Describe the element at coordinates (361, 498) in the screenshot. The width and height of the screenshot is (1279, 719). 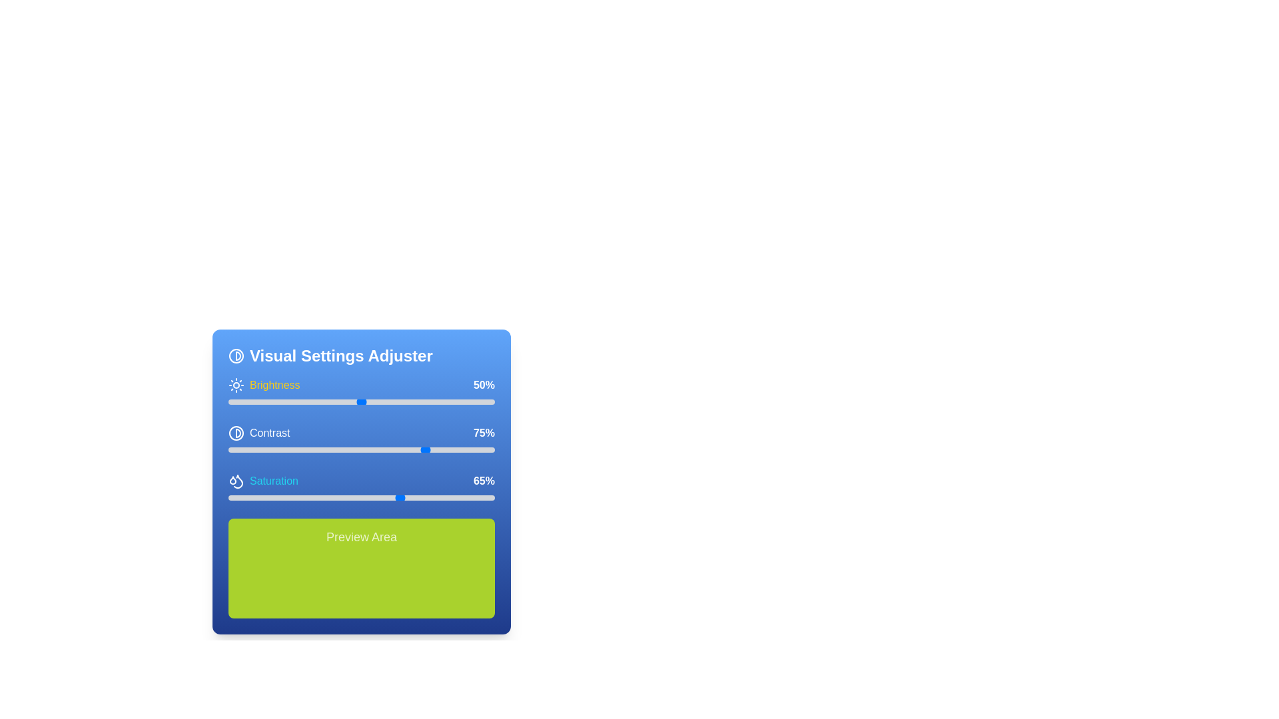
I see `and drag the saturation range slider located in the 'Saturation' panel below the 'Saturation' label and '65%' percentage, within the 'Visual Settings Adjuster' section` at that location.